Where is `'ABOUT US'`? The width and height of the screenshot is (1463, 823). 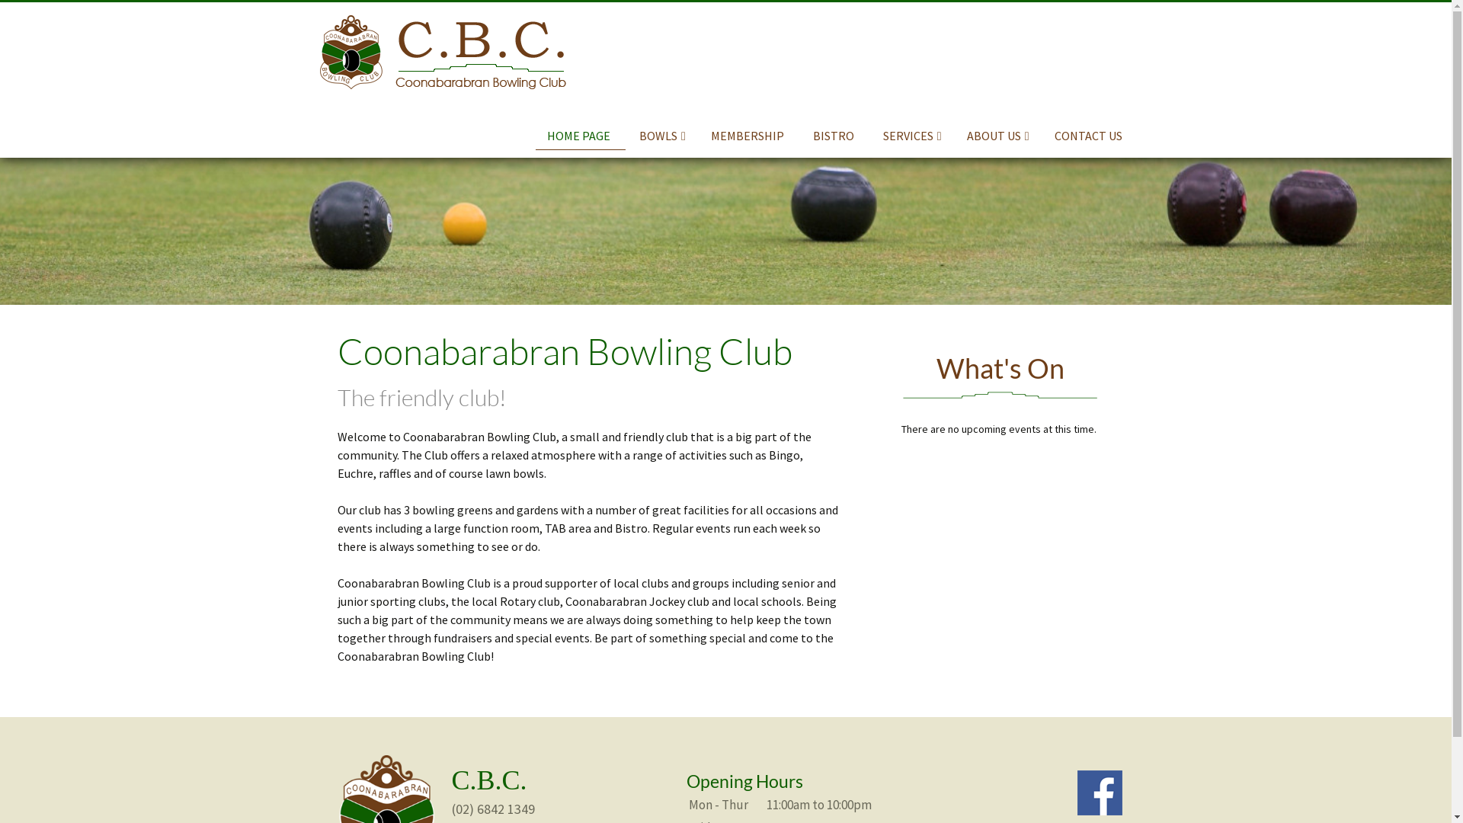
'ABOUT US' is located at coordinates (998, 134).